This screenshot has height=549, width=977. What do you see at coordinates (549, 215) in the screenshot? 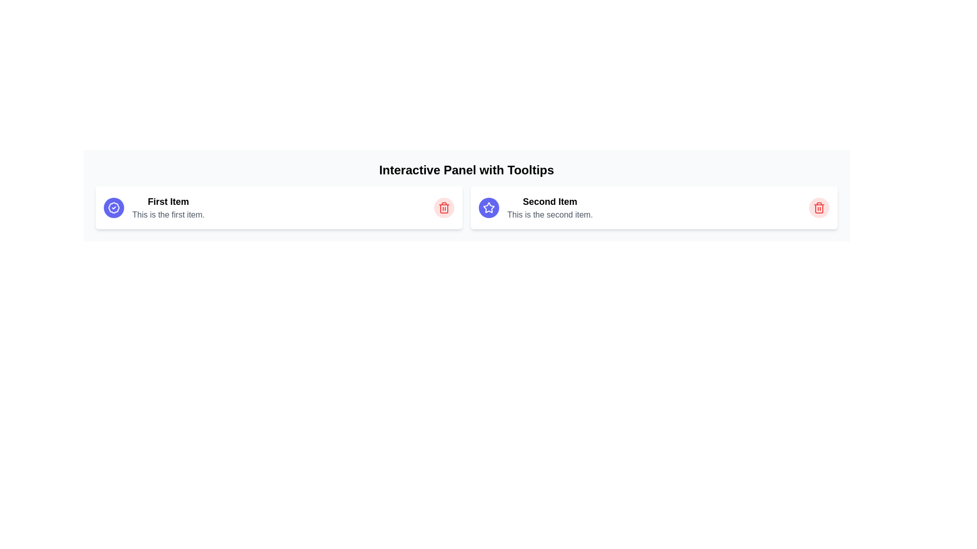
I see `the Text Label that reads 'This is the second item.' located below the 'Second Item' header in the second card from the left` at bounding box center [549, 215].